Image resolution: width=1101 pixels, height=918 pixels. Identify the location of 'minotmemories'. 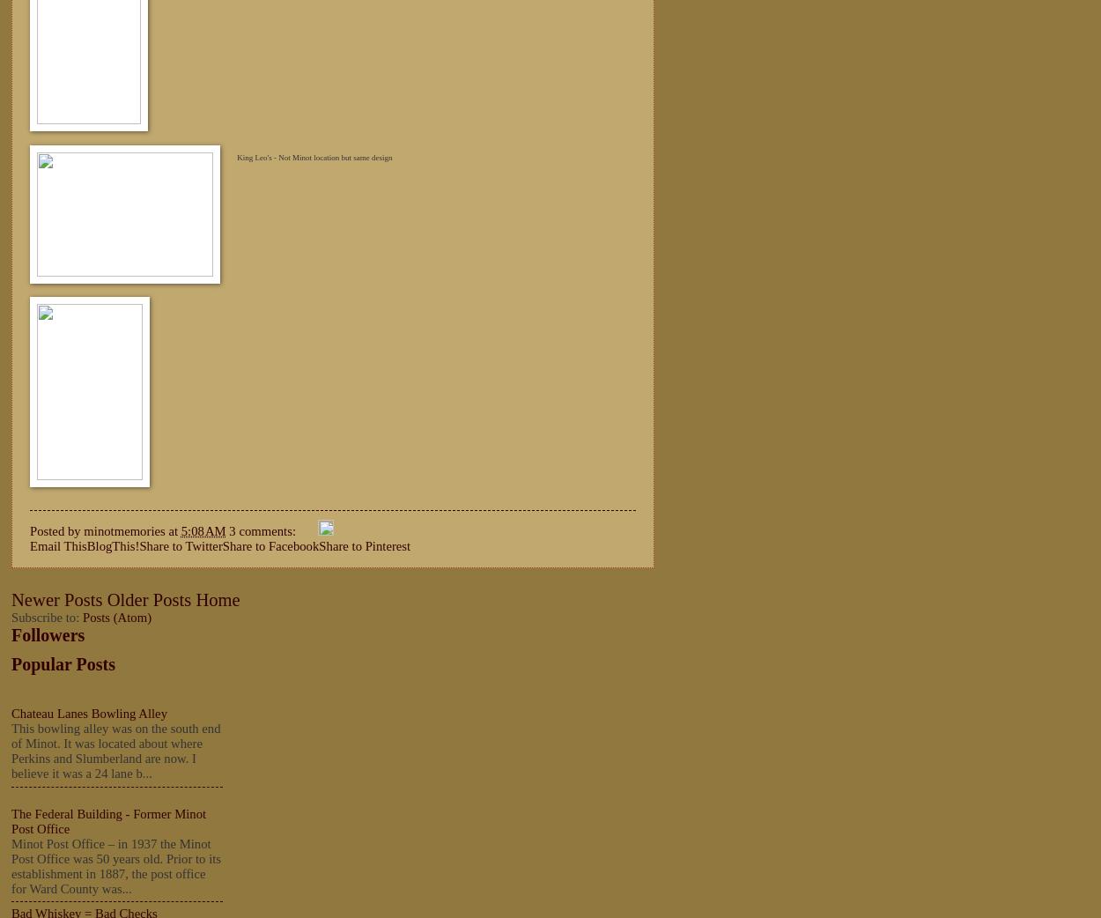
(83, 529).